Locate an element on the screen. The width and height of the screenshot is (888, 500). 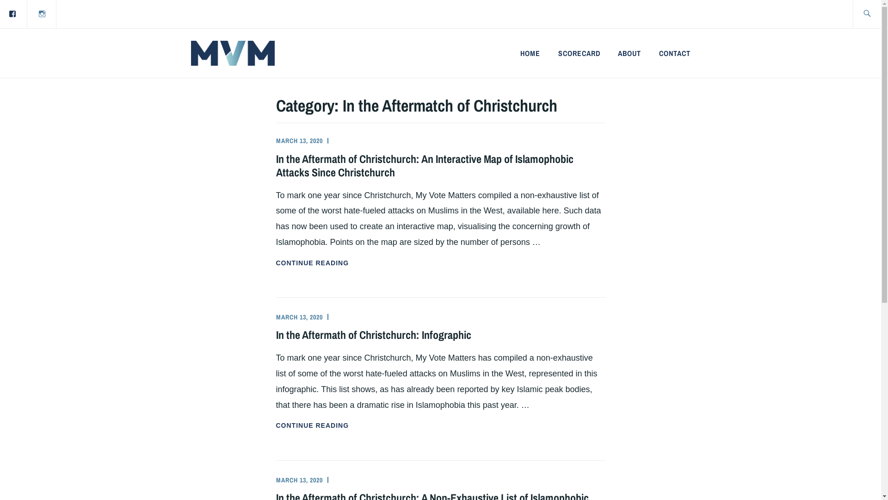
'Search' is located at coordinates (0, 13).